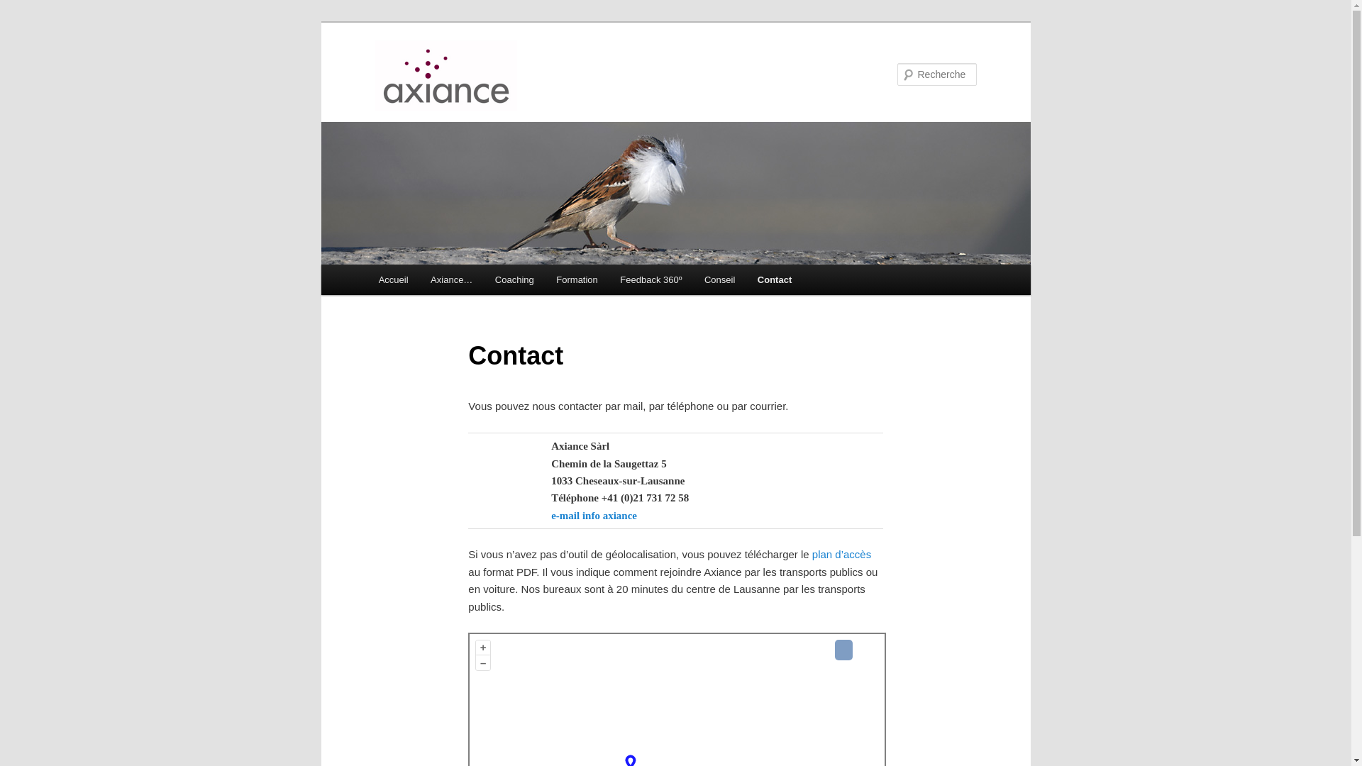 This screenshot has height=766, width=1362. I want to click on 'Formation', so click(544, 279).